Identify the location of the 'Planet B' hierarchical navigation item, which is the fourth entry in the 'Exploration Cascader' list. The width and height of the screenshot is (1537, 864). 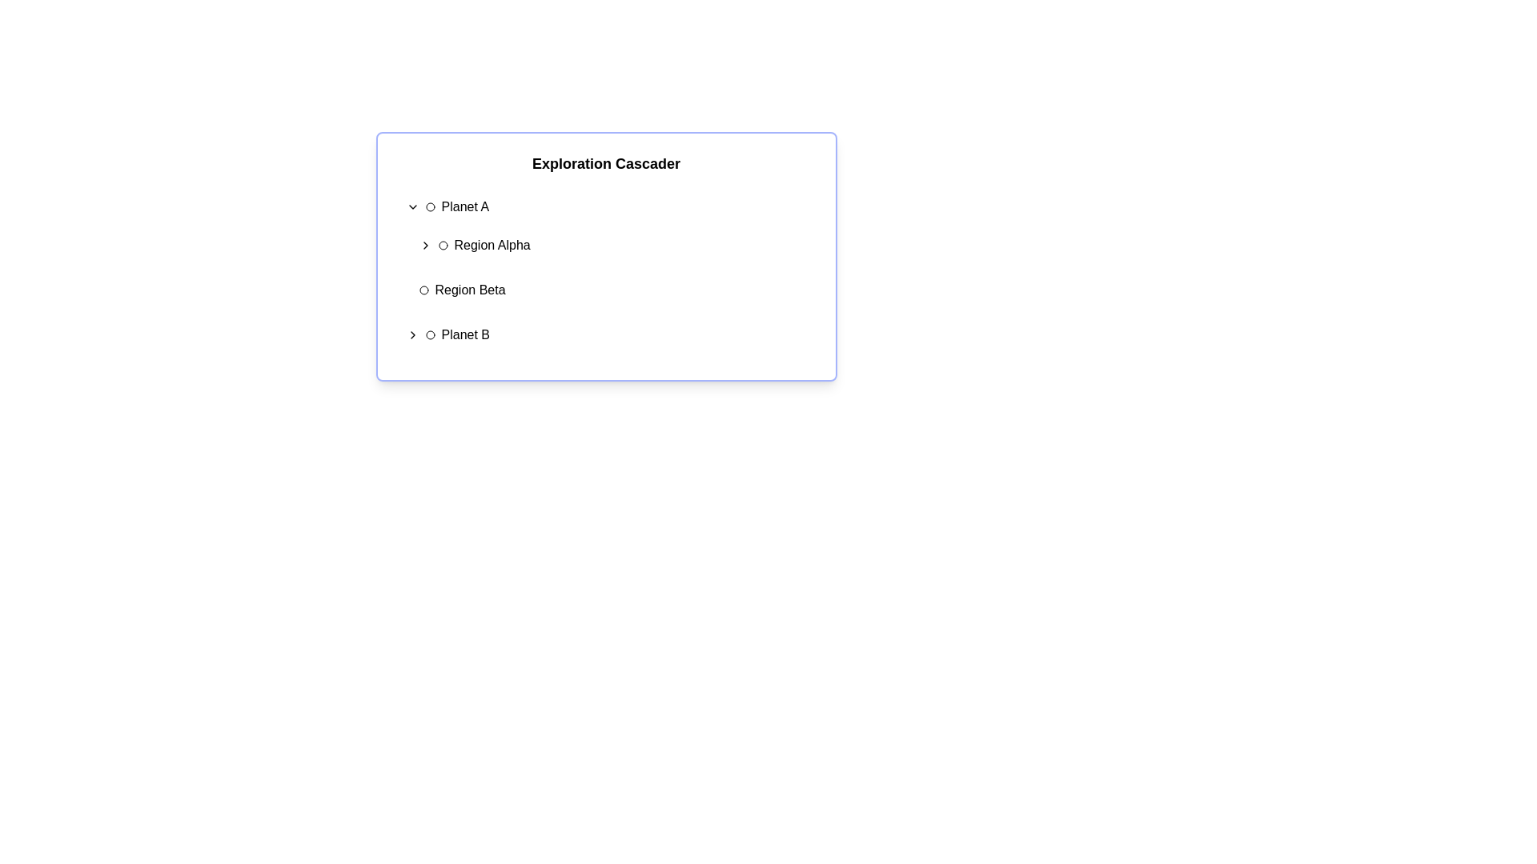
(605, 334).